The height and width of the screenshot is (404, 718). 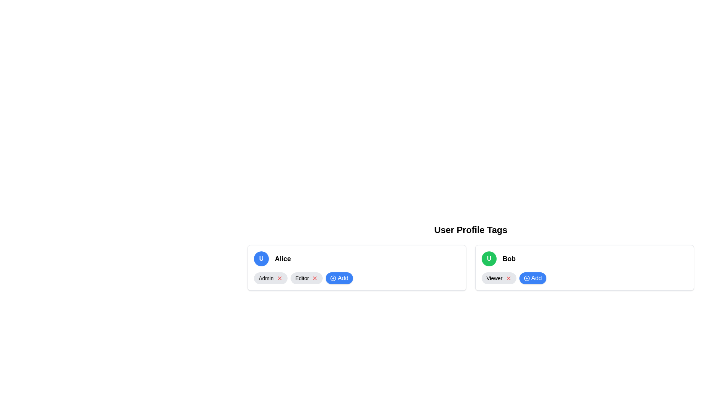 I want to click on the text label displaying 'Bob', which is positioned to the right of a green circular avatar containing the letter 'U', so click(x=509, y=258).